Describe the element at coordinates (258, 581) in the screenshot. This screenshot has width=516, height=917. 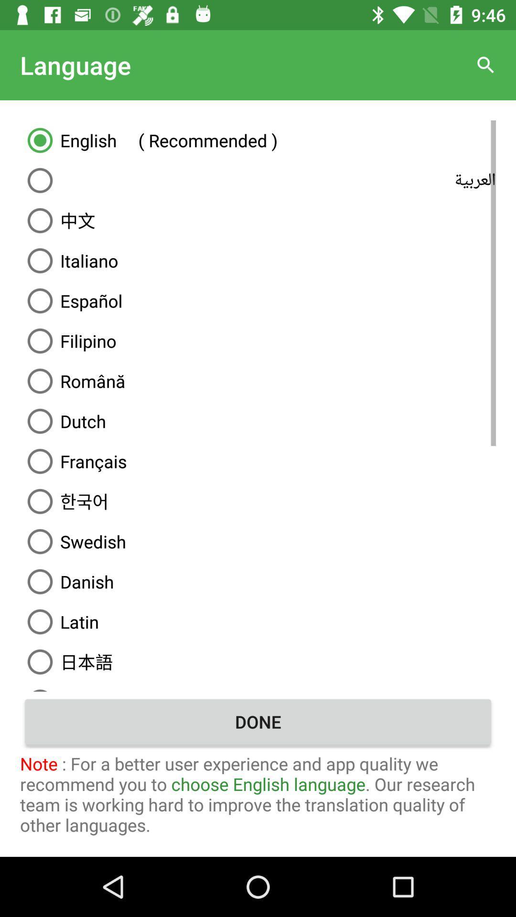
I see `the item above the latin` at that location.